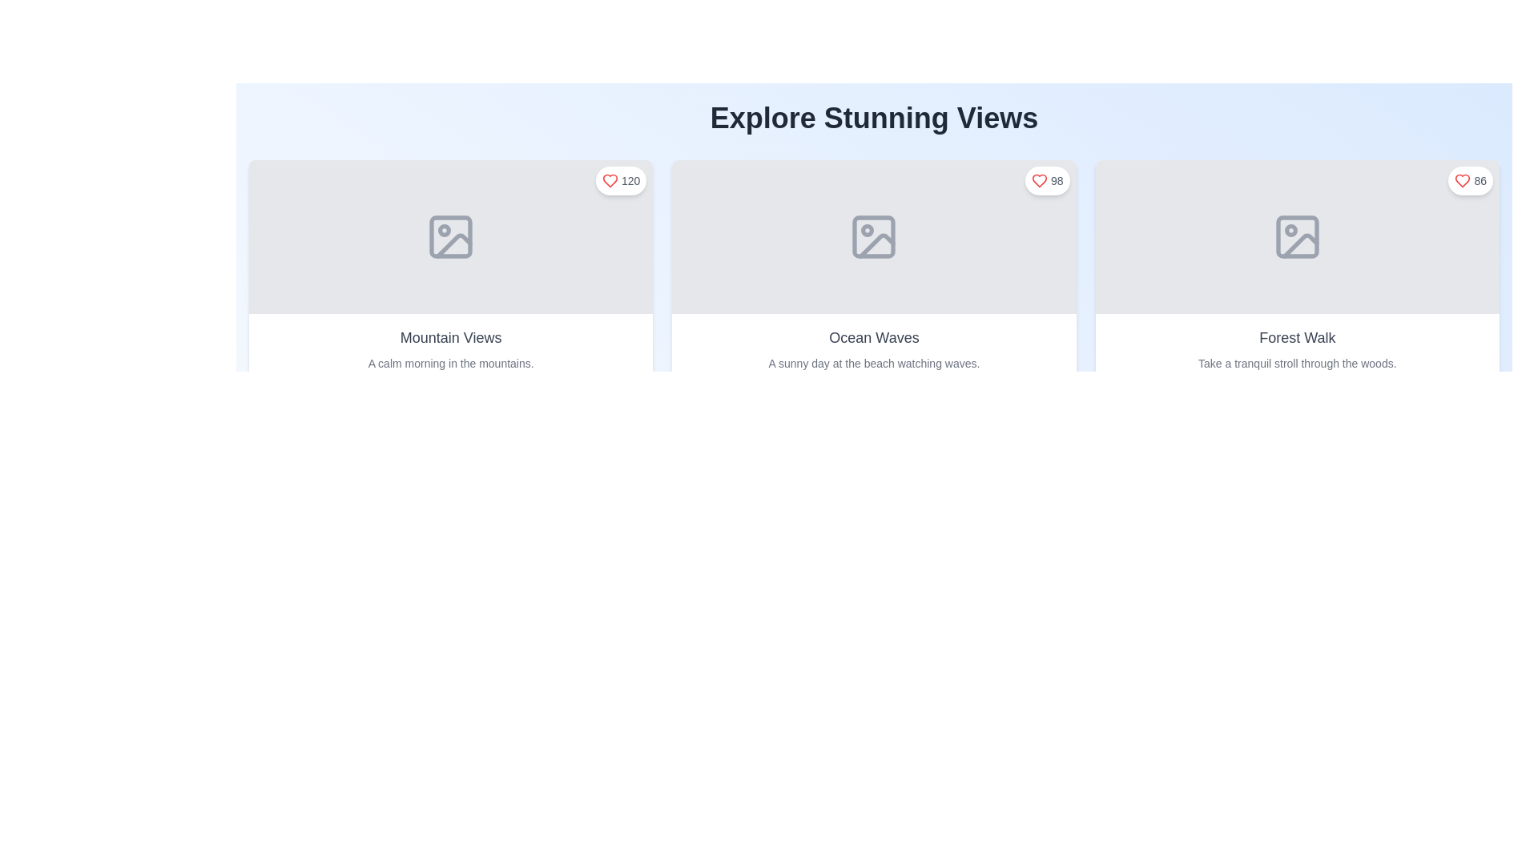  I want to click on the text block titled 'Mountain Views' which contains descriptive text about a calm morning in the mountains, so click(450, 348).